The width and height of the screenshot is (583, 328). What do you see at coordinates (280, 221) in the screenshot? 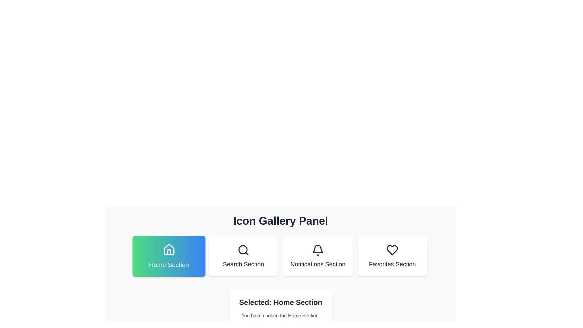
I see `the static text heading labeled 'Icon Gallery Panel' which is styled in bold and large font, positioned at the top center of the interface` at bounding box center [280, 221].